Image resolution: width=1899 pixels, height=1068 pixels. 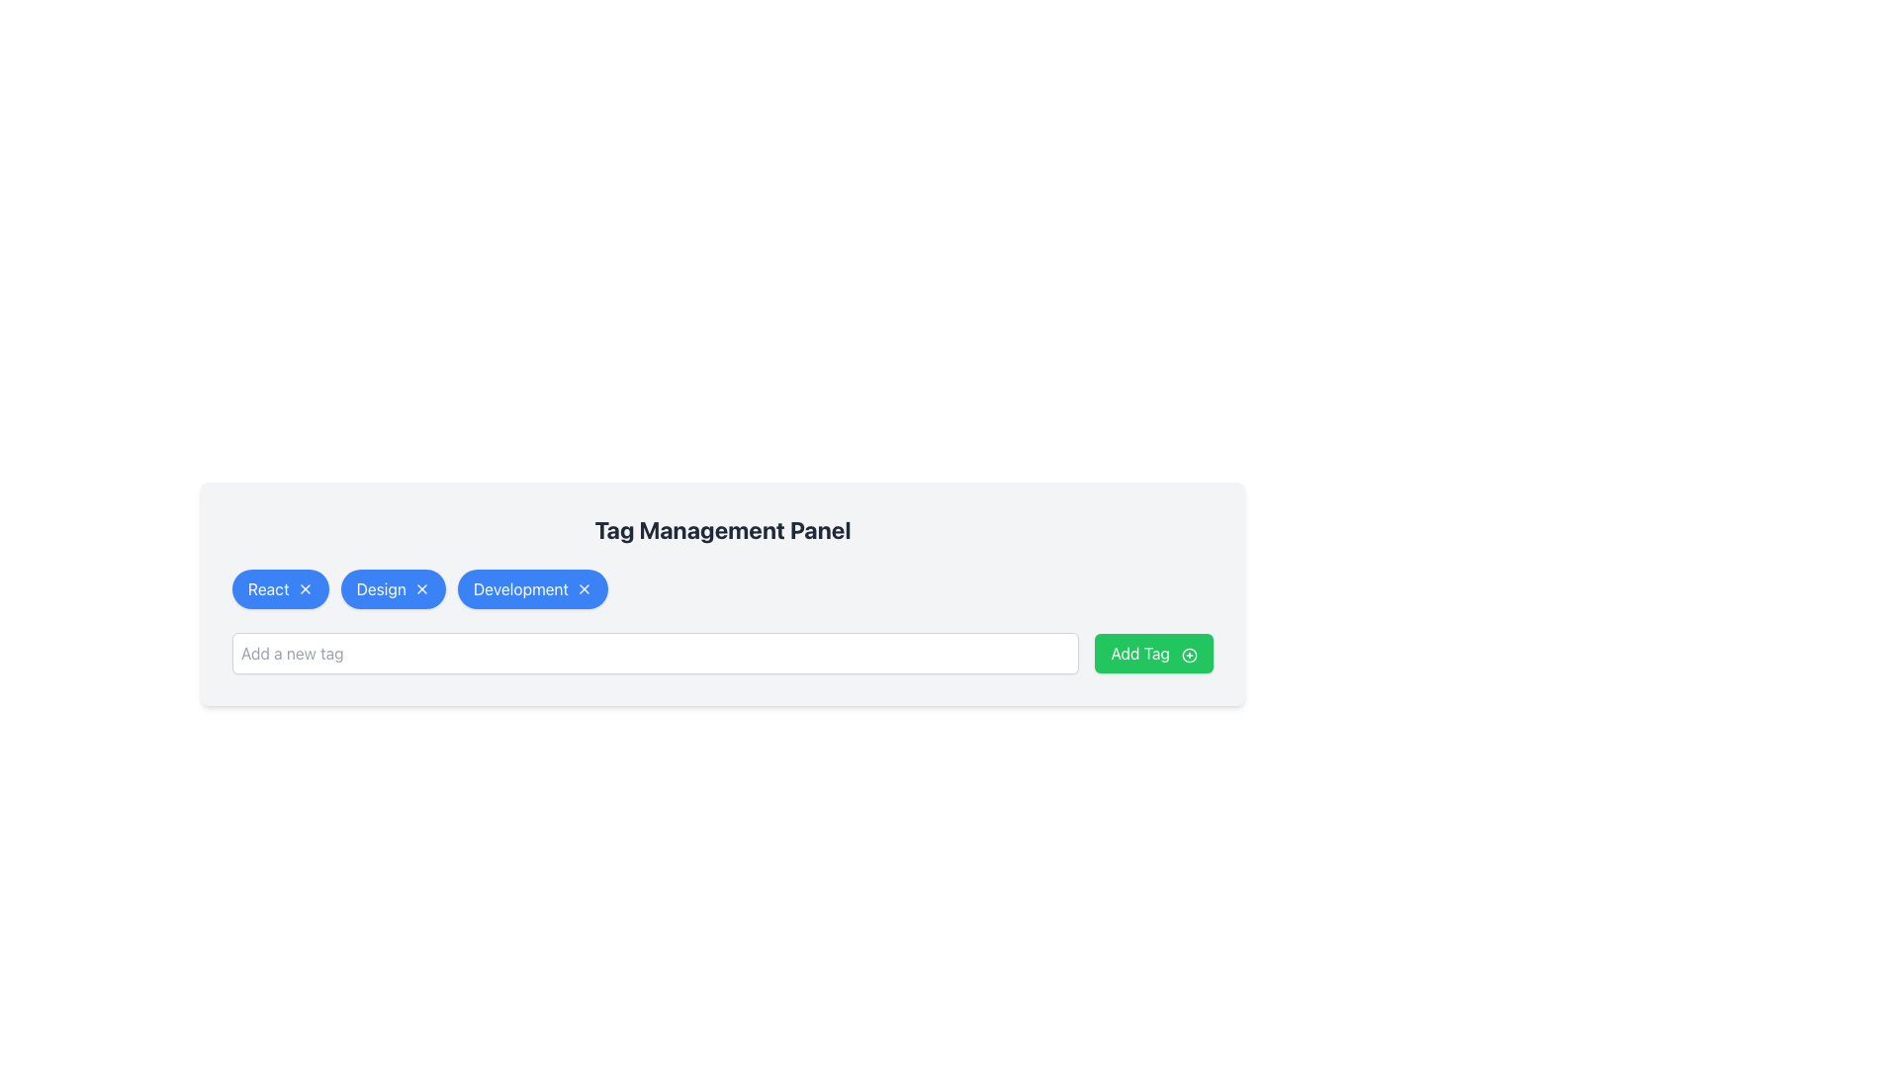 I want to click on the button-like tag containing the text 'React', which is styled in white on a blue background and is located in the top-left of the tags section, so click(x=267, y=588).